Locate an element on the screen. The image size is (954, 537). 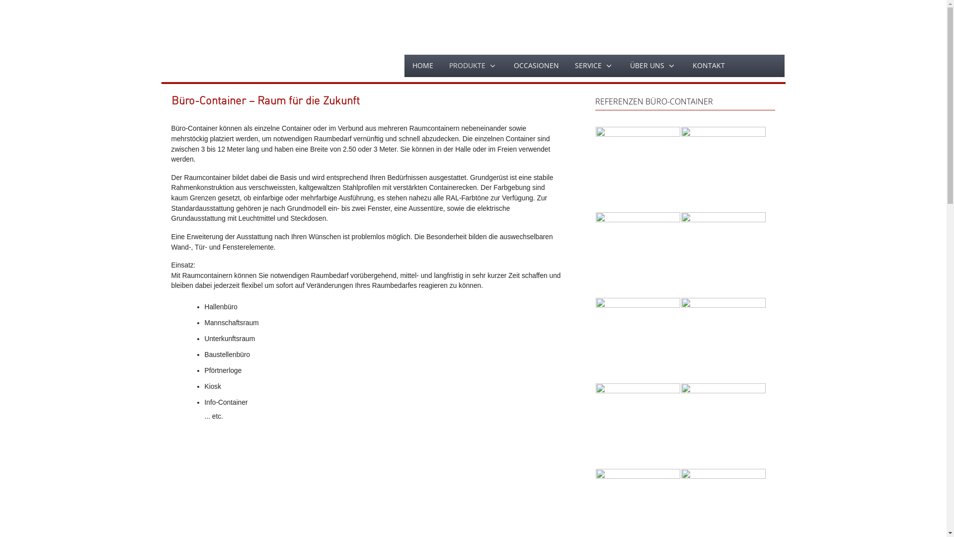
'KONTAKT' is located at coordinates (708, 65).